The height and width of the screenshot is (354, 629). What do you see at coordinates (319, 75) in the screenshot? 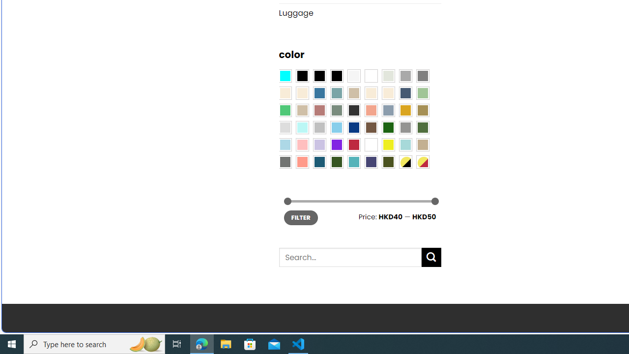
I see `'Black'` at bounding box center [319, 75].